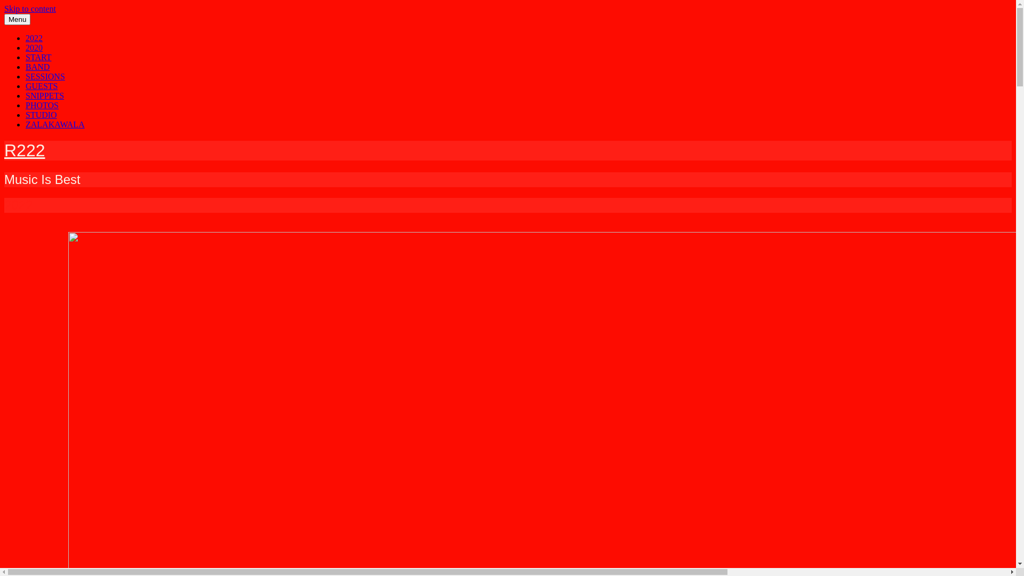 The image size is (1024, 576). What do you see at coordinates (4, 19) in the screenshot?
I see `'Menu'` at bounding box center [4, 19].